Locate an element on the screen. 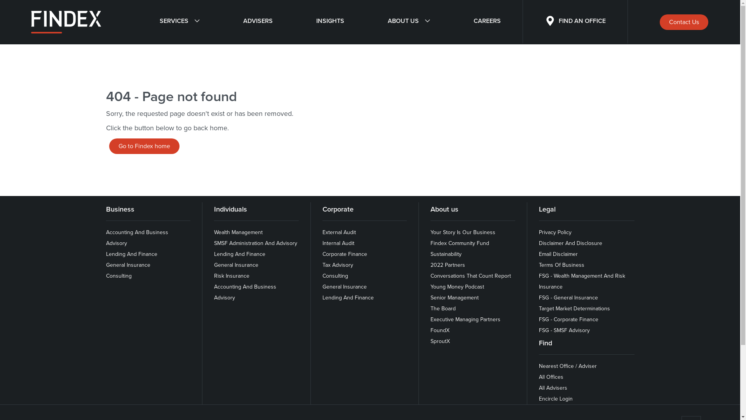  'SproutX' is located at coordinates (440, 341).